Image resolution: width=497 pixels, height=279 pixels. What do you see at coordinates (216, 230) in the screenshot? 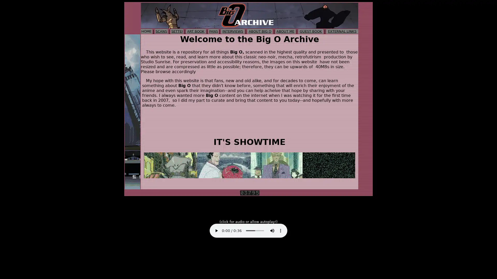
I see `play` at bounding box center [216, 230].